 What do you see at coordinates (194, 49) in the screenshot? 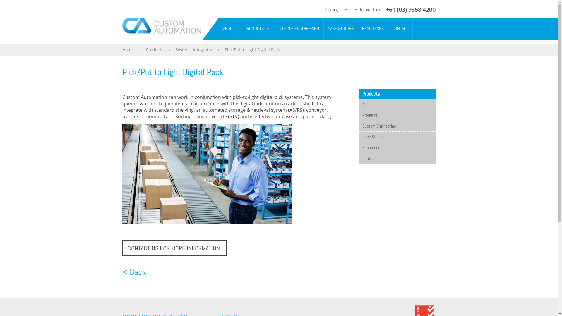
I see `'Systems Integrator'` at bounding box center [194, 49].